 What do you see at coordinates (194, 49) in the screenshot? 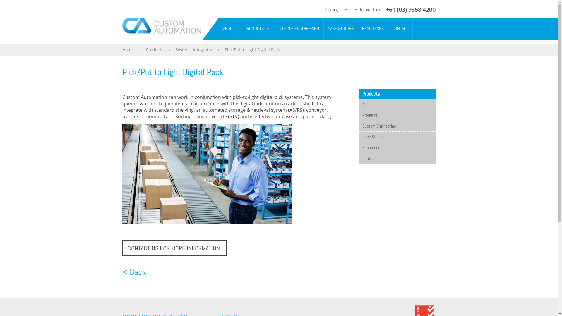
I see `'Systems Integrator'` at bounding box center [194, 49].